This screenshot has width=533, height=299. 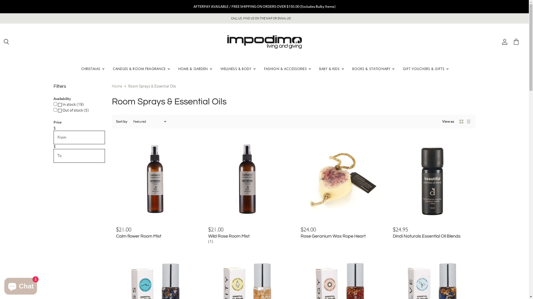 I want to click on 'Home', so click(x=111, y=86).